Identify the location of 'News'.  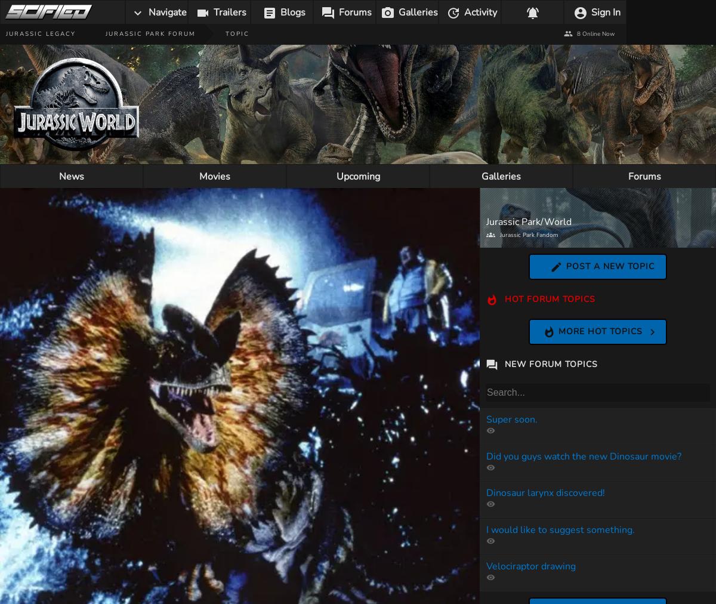
(59, 176).